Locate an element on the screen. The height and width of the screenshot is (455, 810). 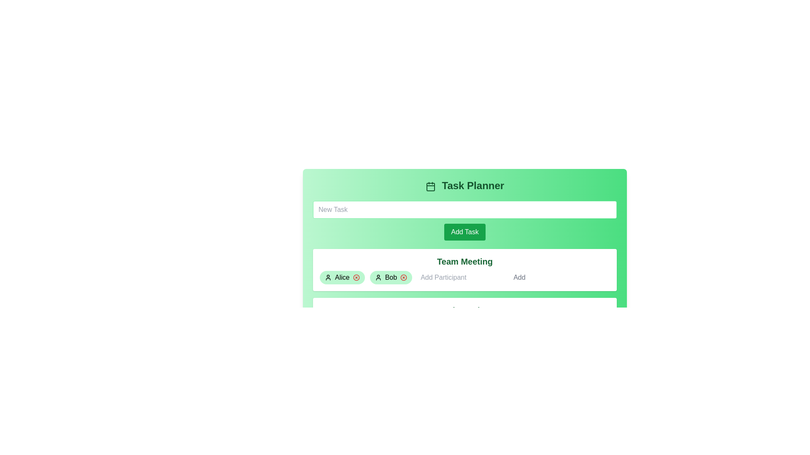
the 'Add Task' button with a green background and white text, located centrally under the 'New Task' input field is located at coordinates (464, 220).